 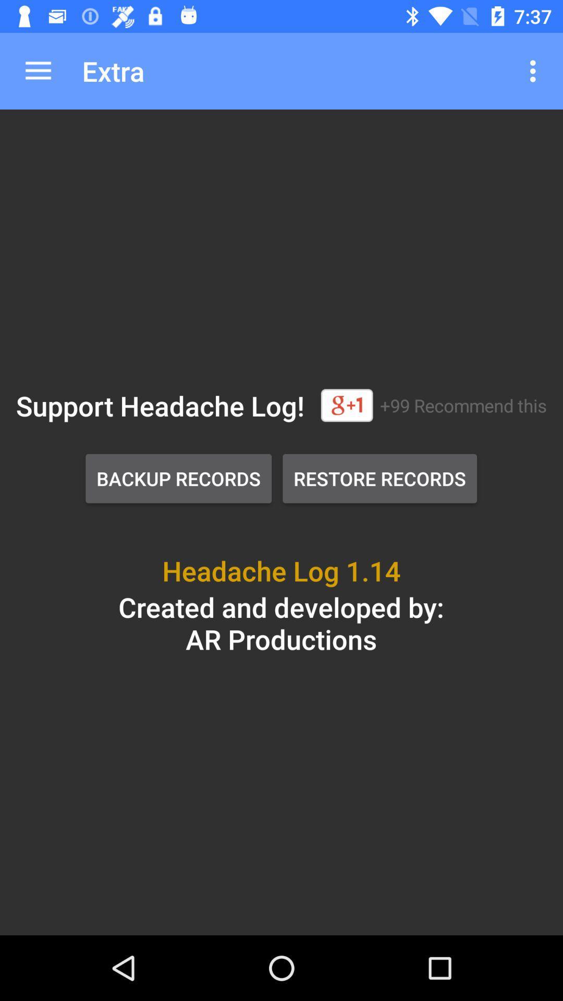 What do you see at coordinates (38, 70) in the screenshot?
I see `the app next to extra app` at bounding box center [38, 70].